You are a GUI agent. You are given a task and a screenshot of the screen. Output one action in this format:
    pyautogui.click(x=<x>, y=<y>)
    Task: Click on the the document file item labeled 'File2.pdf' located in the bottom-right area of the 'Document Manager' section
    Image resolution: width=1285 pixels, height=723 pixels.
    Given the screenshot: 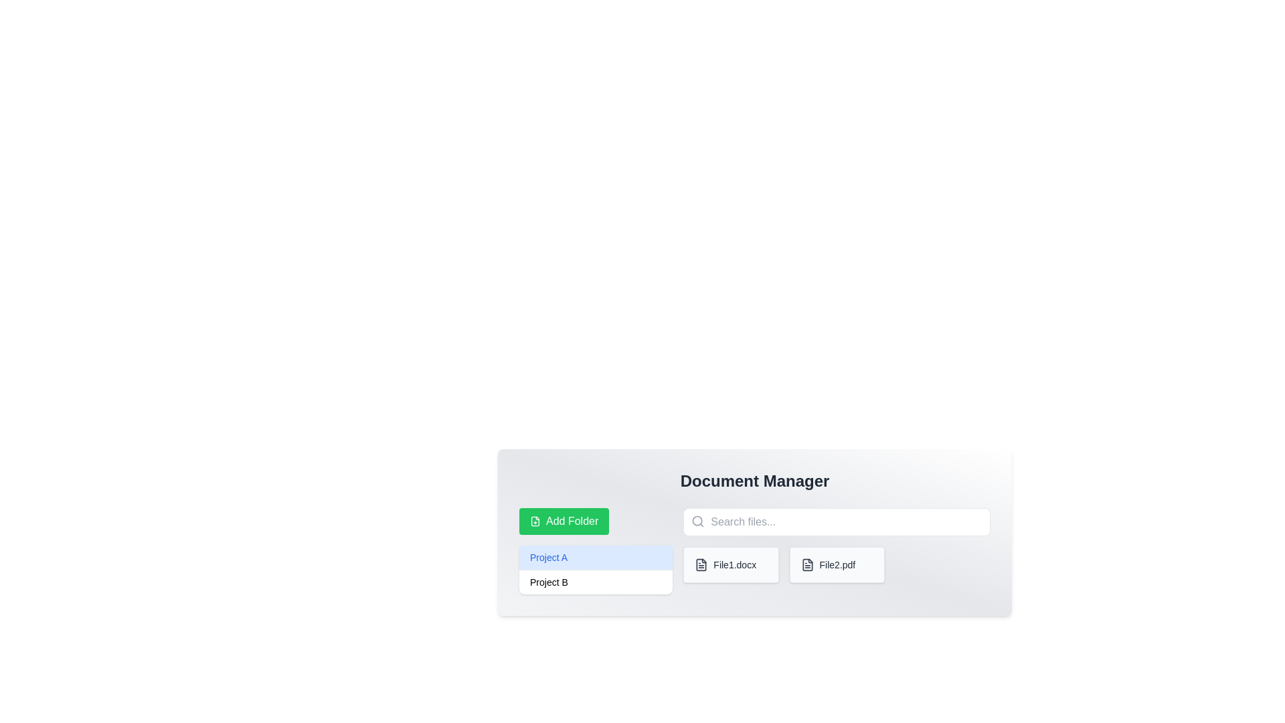 What is the action you would take?
    pyautogui.click(x=836, y=551)
    